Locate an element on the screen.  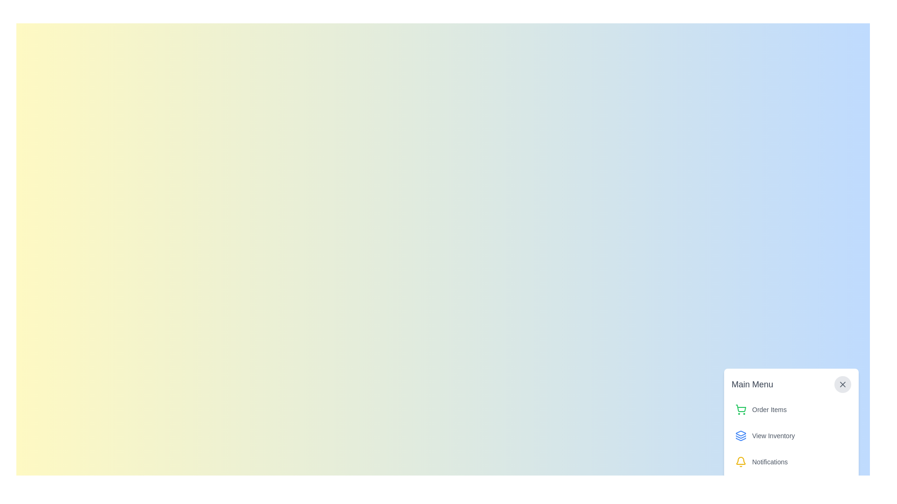
the first menu item in the Main Menu is located at coordinates (791, 409).